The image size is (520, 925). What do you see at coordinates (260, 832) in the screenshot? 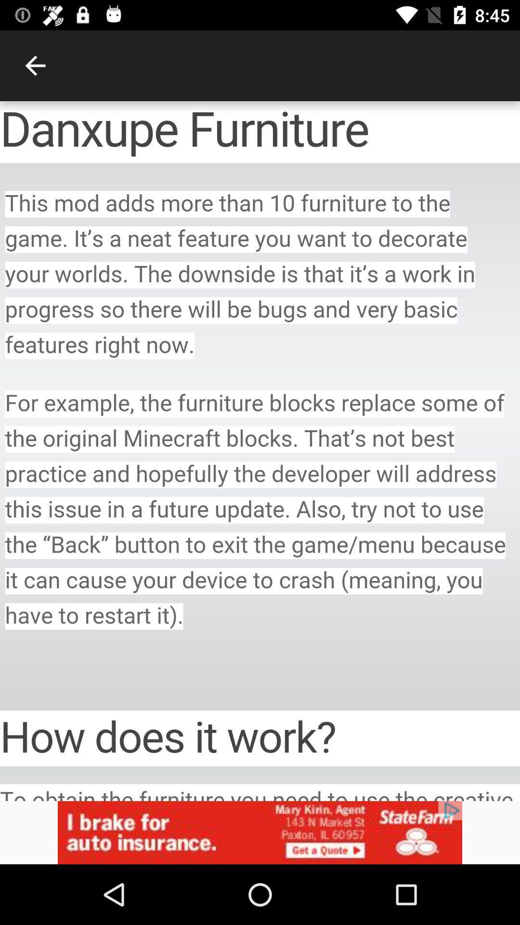
I see `the advertisement` at bounding box center [260, 832].